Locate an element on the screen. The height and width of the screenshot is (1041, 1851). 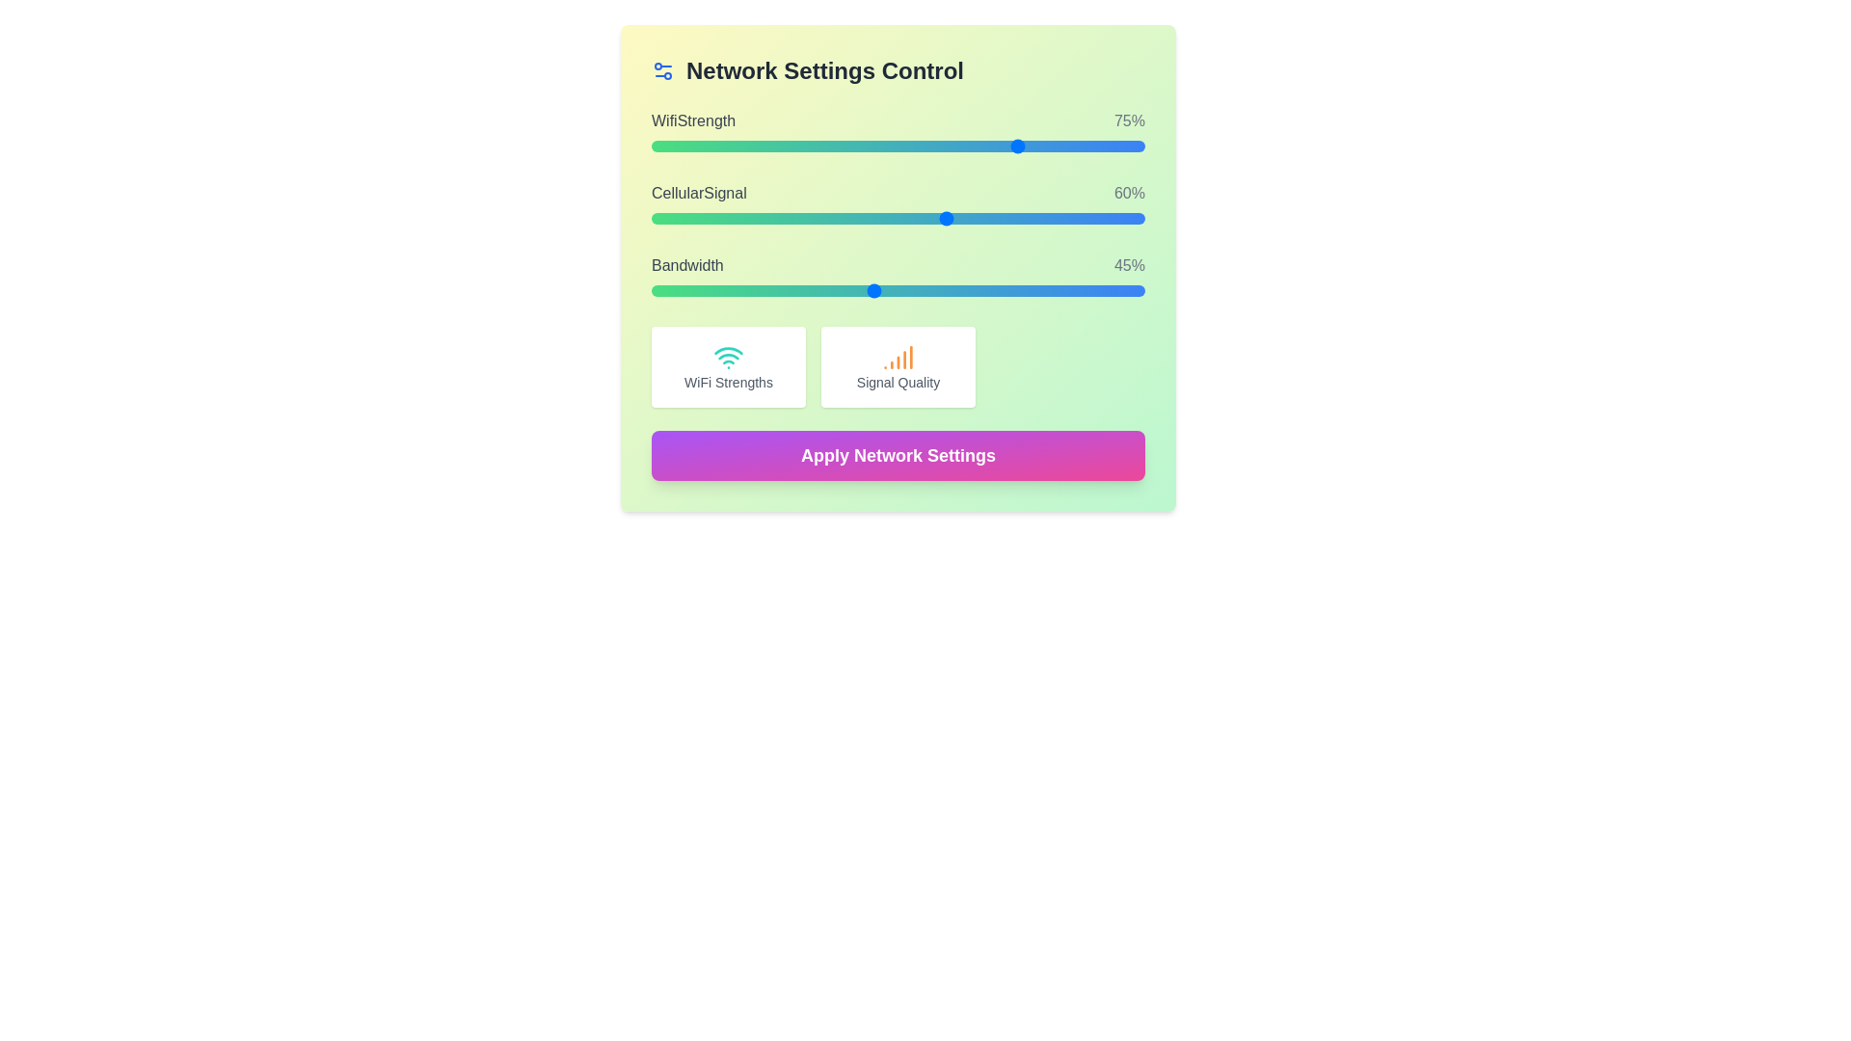
the WiFi signal icon, which is a teal SVG icon with concentric arcs located within a white card labeled 'WiFi Strengths' is located at coordinates (727, 357).